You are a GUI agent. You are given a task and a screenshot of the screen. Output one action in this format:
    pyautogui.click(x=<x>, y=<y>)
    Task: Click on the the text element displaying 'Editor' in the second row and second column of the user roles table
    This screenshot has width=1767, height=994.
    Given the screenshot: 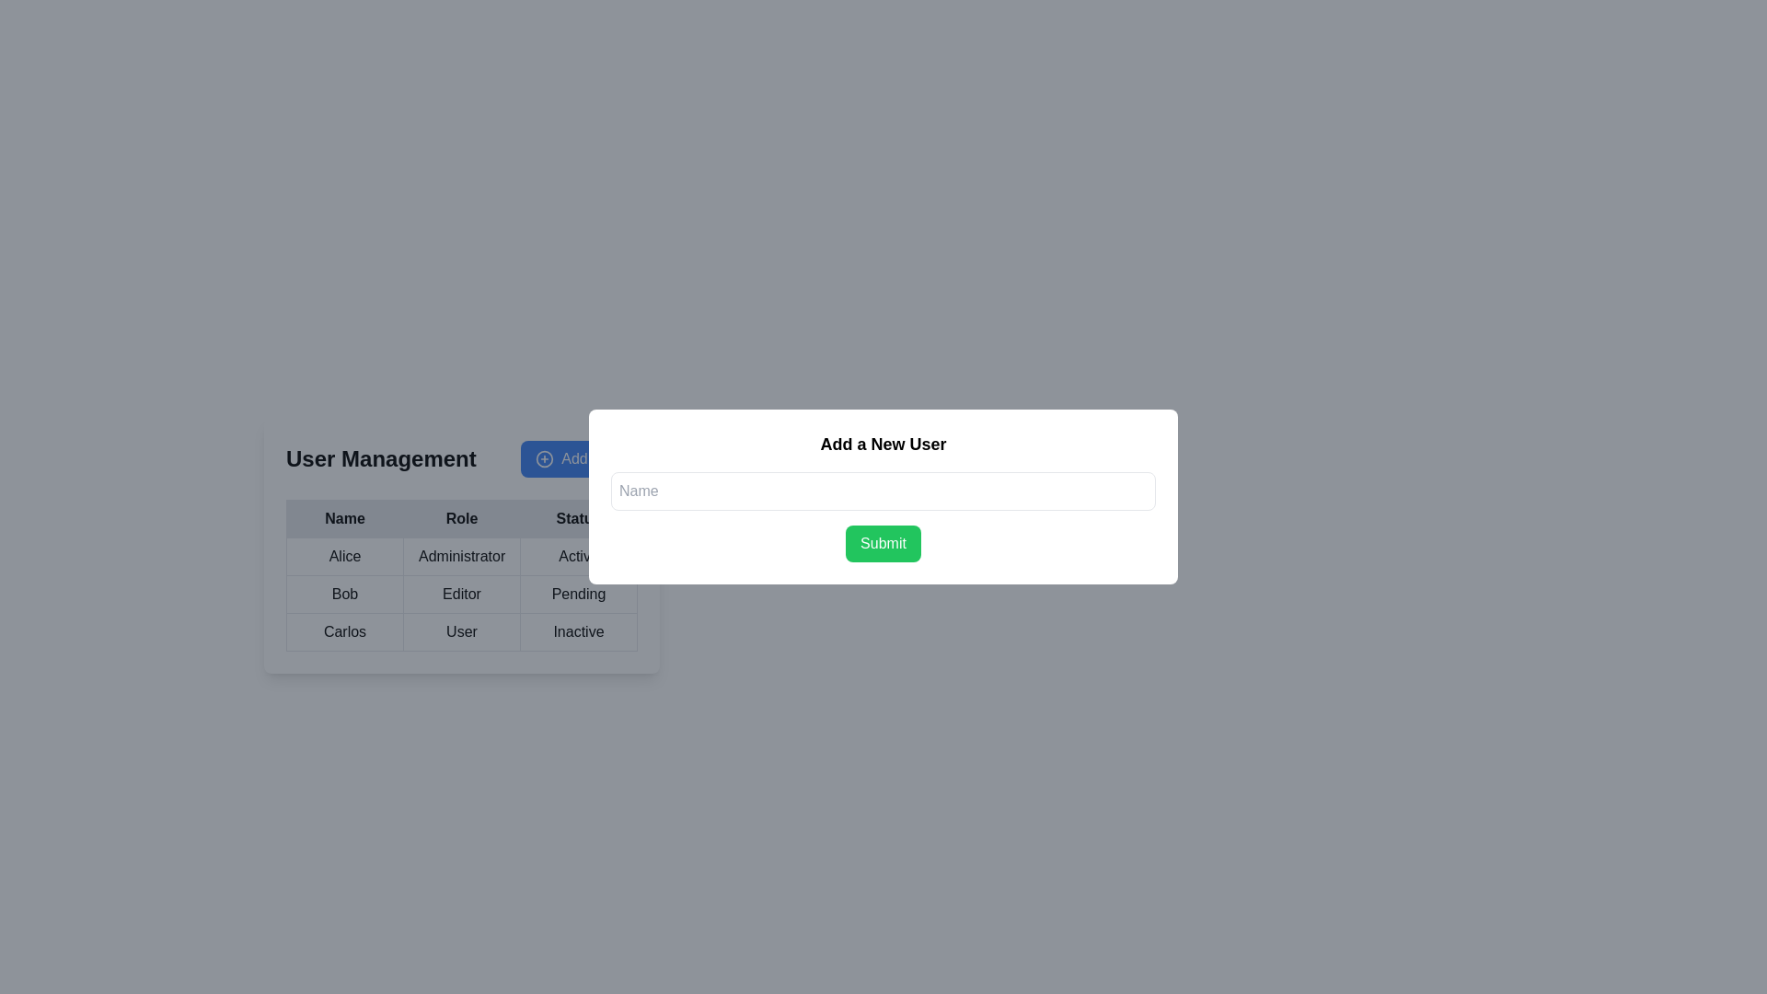 What is the action you would take?
    pyautogui.click(x=462, y=594)
    